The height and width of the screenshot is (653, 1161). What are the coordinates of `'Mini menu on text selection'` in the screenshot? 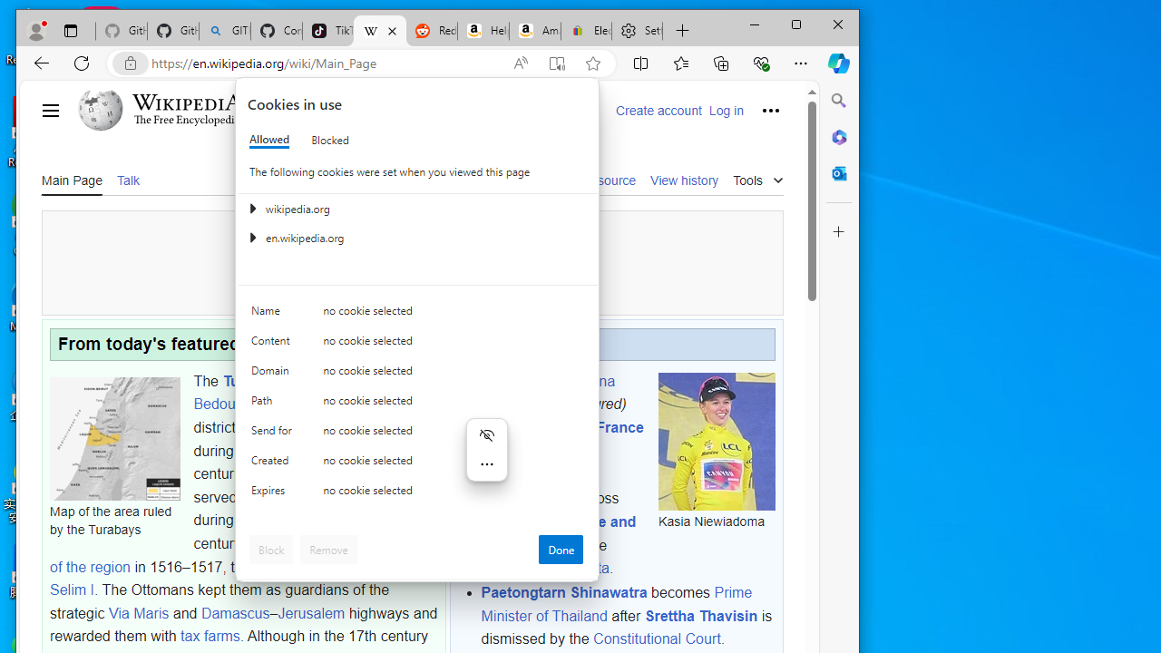 It's located at (486, 449).